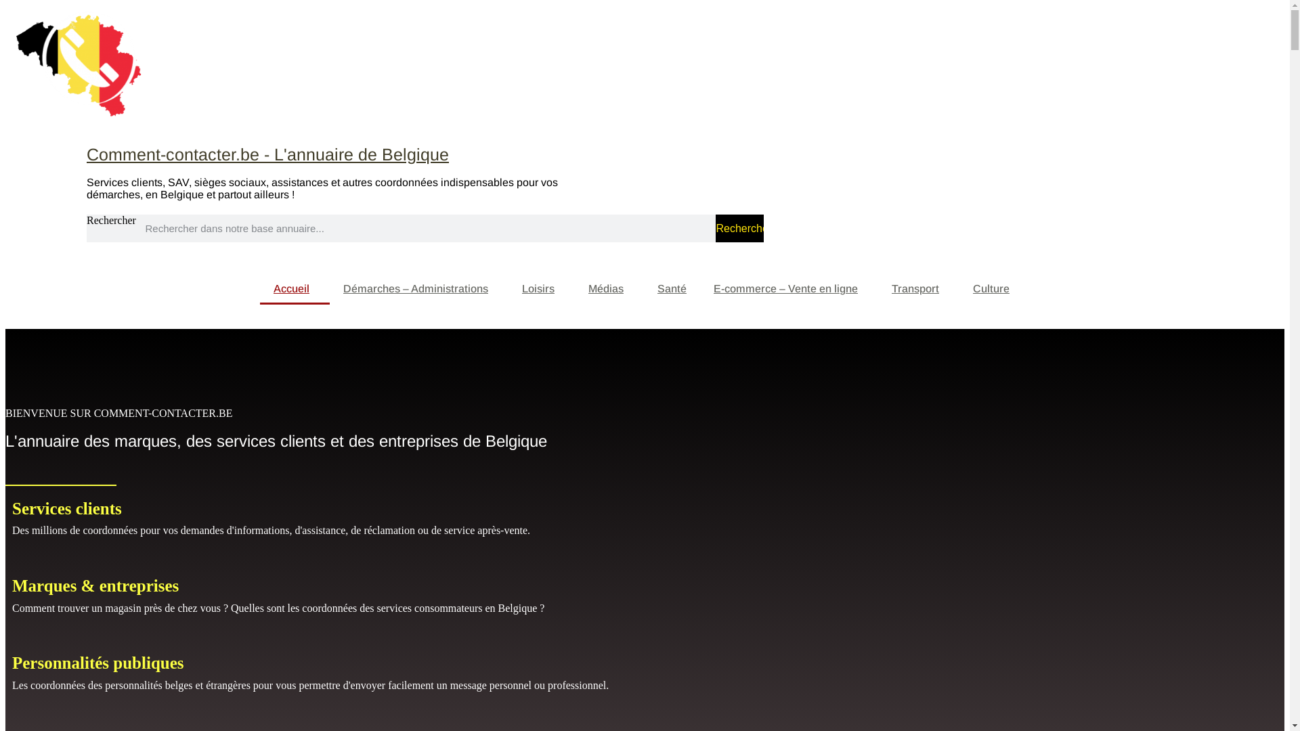 This screenshot has width=1300, height=731. What do you see at coordinates (294, 288) in the screenshot?
I see `'Accueil'` at bounding box center [294, 288].